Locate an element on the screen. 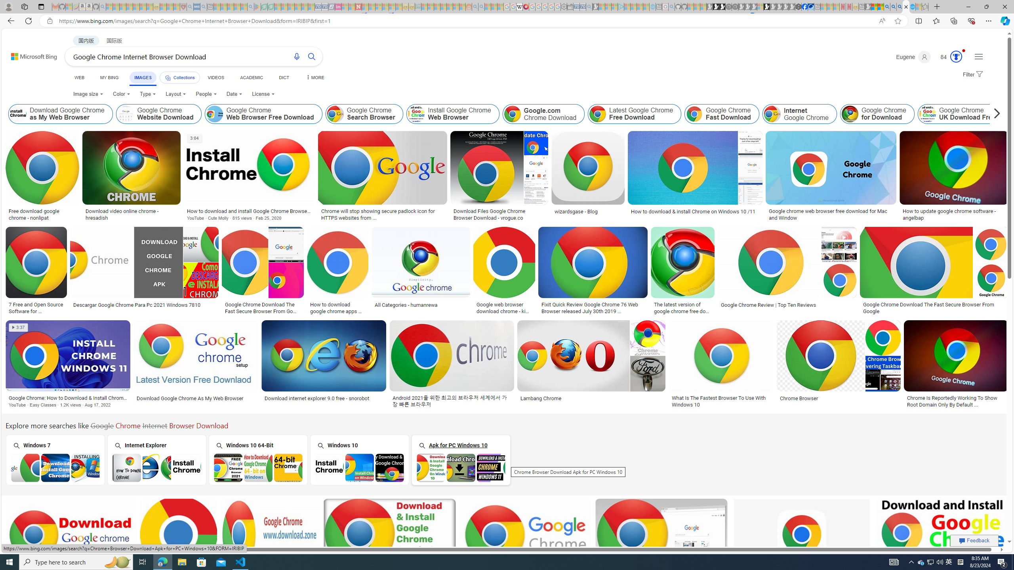 This screenshot has width=1014, height=570. 'Wallet - Sleeping' is located at coordinates (570, 6).